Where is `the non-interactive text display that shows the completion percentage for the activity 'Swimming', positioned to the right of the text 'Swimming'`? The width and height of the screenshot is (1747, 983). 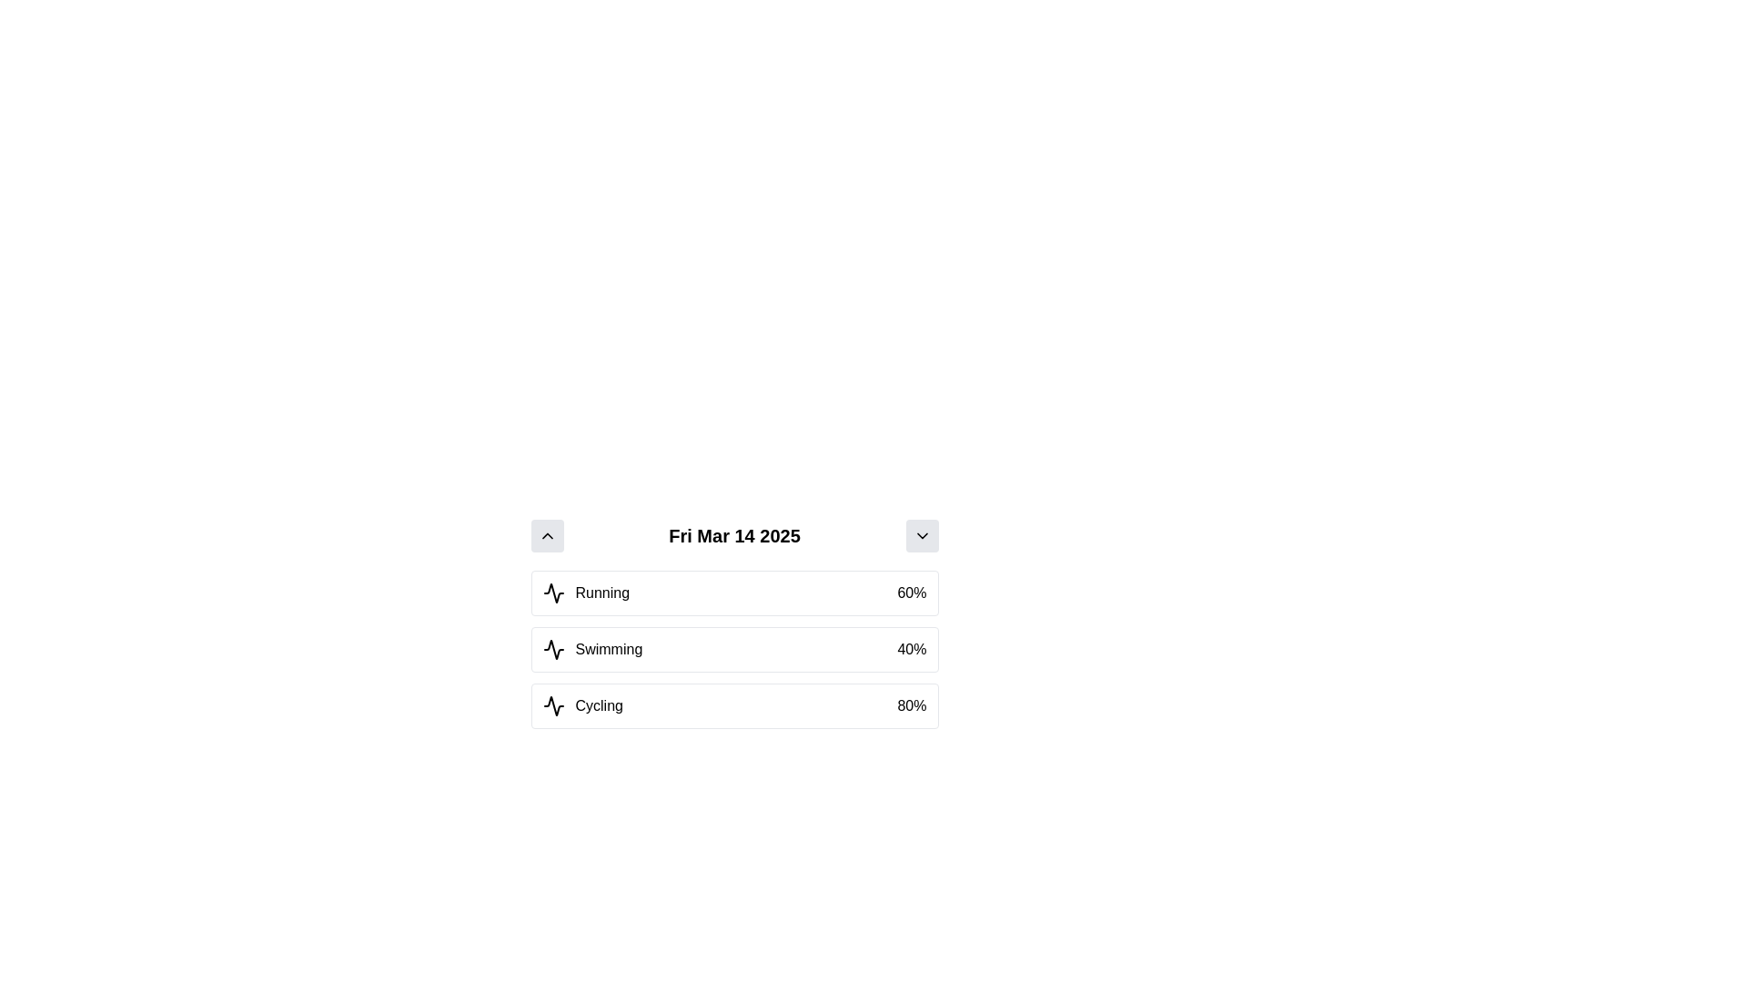
the non-interactive text display that shows the completion percentage for the activity 'Swimming', positioned to the right of the text 'Swimming' is located at coordinates (912, 648).